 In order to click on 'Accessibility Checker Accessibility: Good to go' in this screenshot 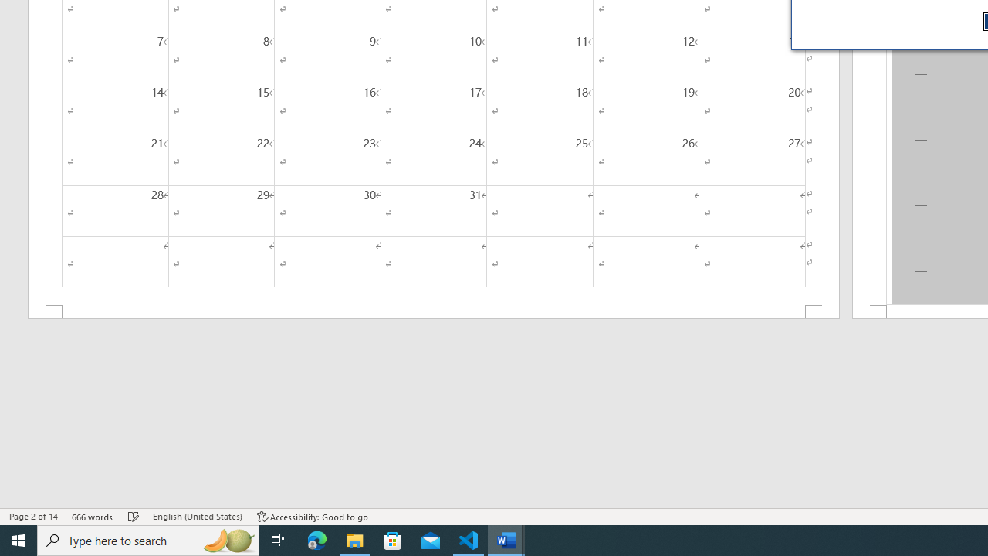, I will do `click(312, 517)`.